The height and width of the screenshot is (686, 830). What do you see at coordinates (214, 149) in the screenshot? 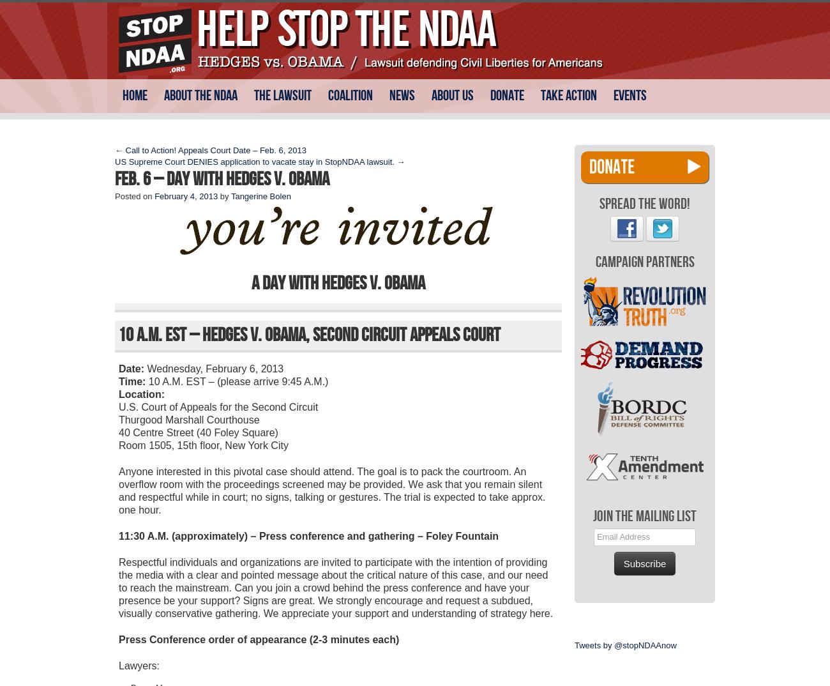
I see `'Call to Action! Appeals Court Date – Feb. 6, 2013'` at bounding box center [214, 149].